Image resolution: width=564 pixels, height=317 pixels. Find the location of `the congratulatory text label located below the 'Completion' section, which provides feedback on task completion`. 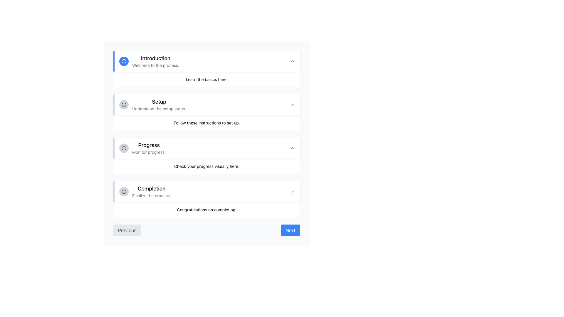

the congratulatory text label located below the 'Completion' section, which provides feedback on task completion is located at coordinates (207, 209).